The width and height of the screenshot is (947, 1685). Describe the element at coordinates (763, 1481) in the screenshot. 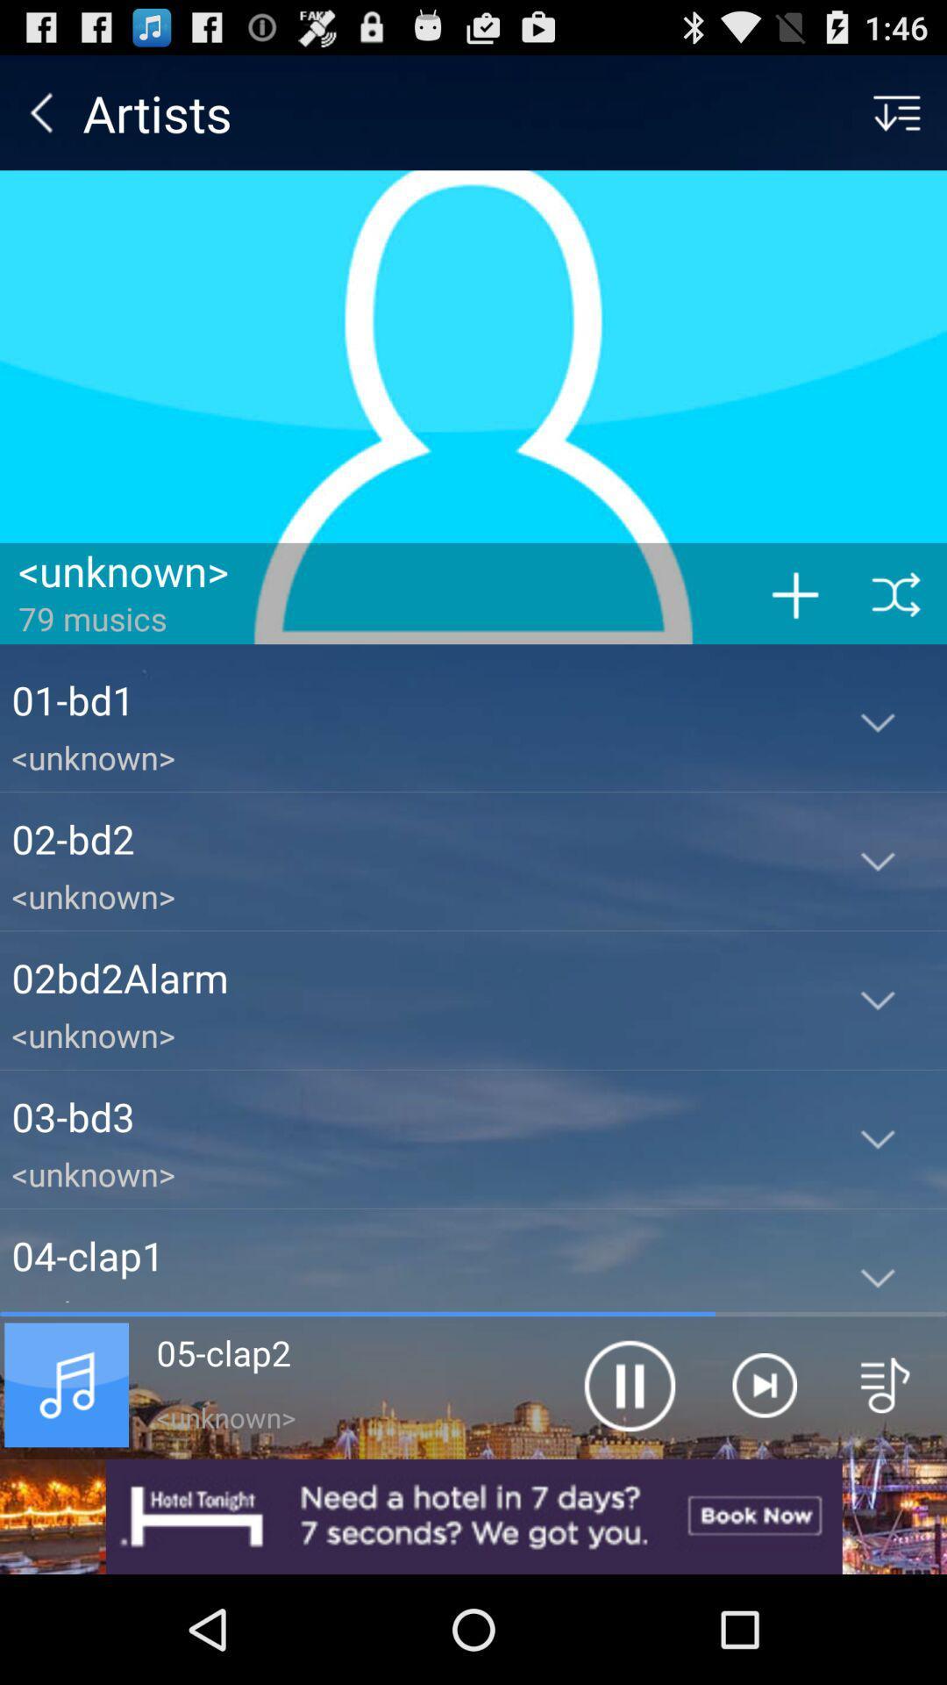

I see `the skip_next icon` at that location.